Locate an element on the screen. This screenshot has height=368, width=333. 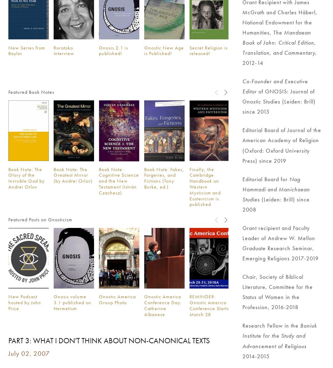
'Book Note: Cognitive Science and the New Testament (István Czachesz)' is located at coordinates (118, 180).